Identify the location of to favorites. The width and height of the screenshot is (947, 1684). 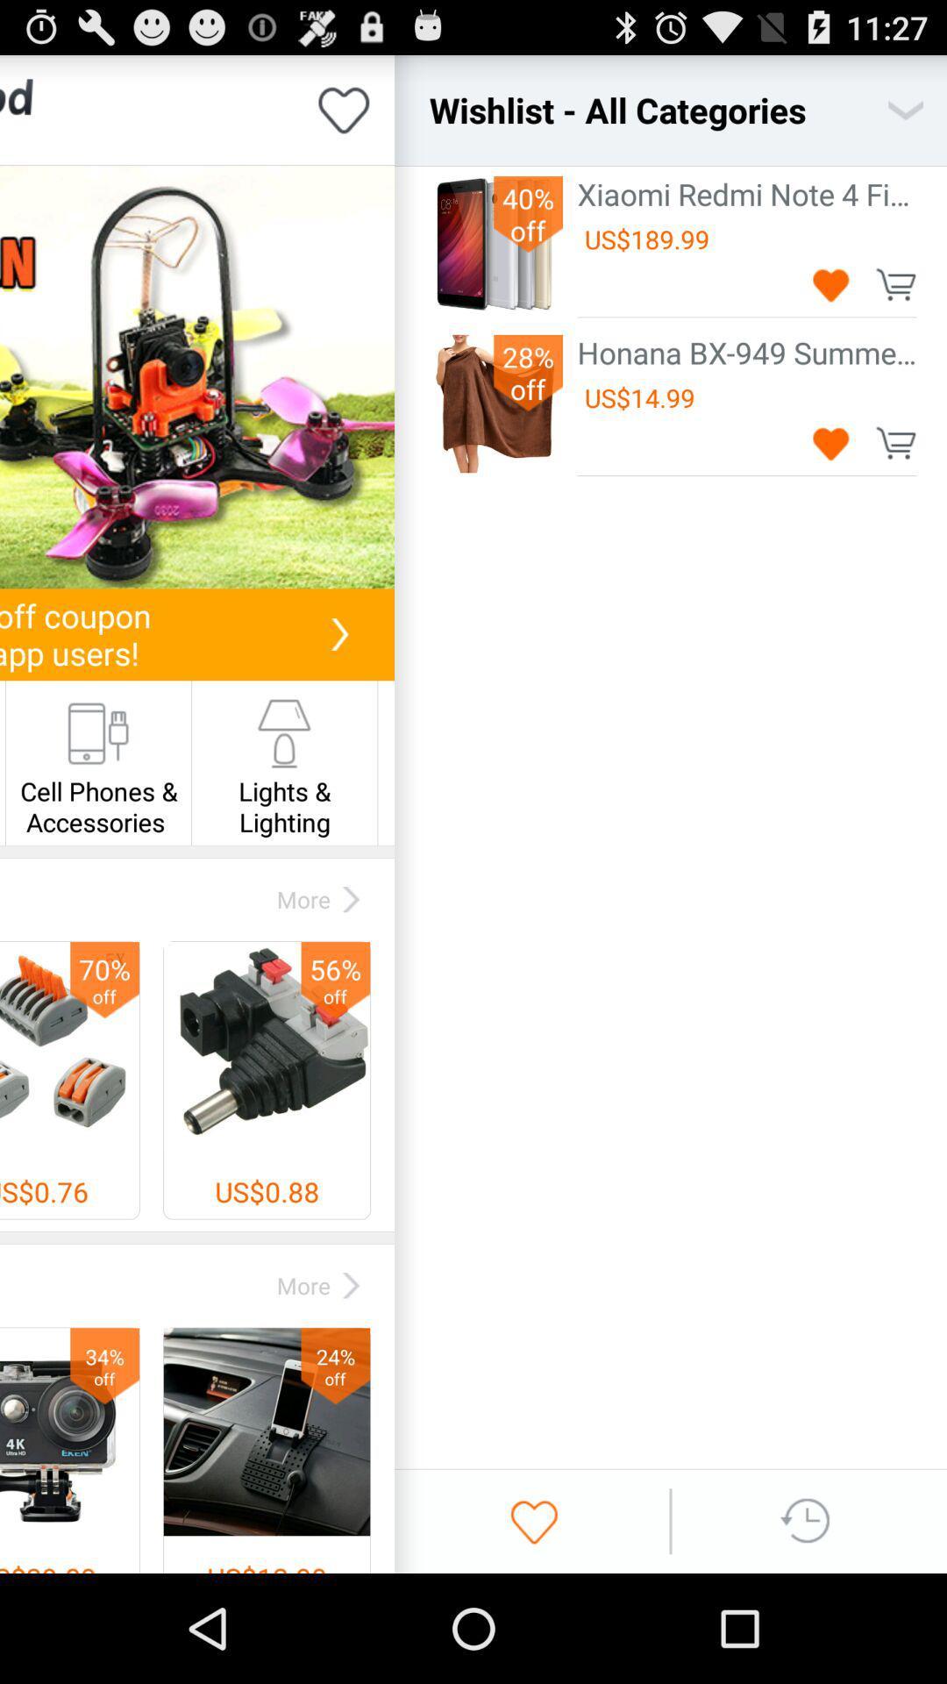
(830, 284).